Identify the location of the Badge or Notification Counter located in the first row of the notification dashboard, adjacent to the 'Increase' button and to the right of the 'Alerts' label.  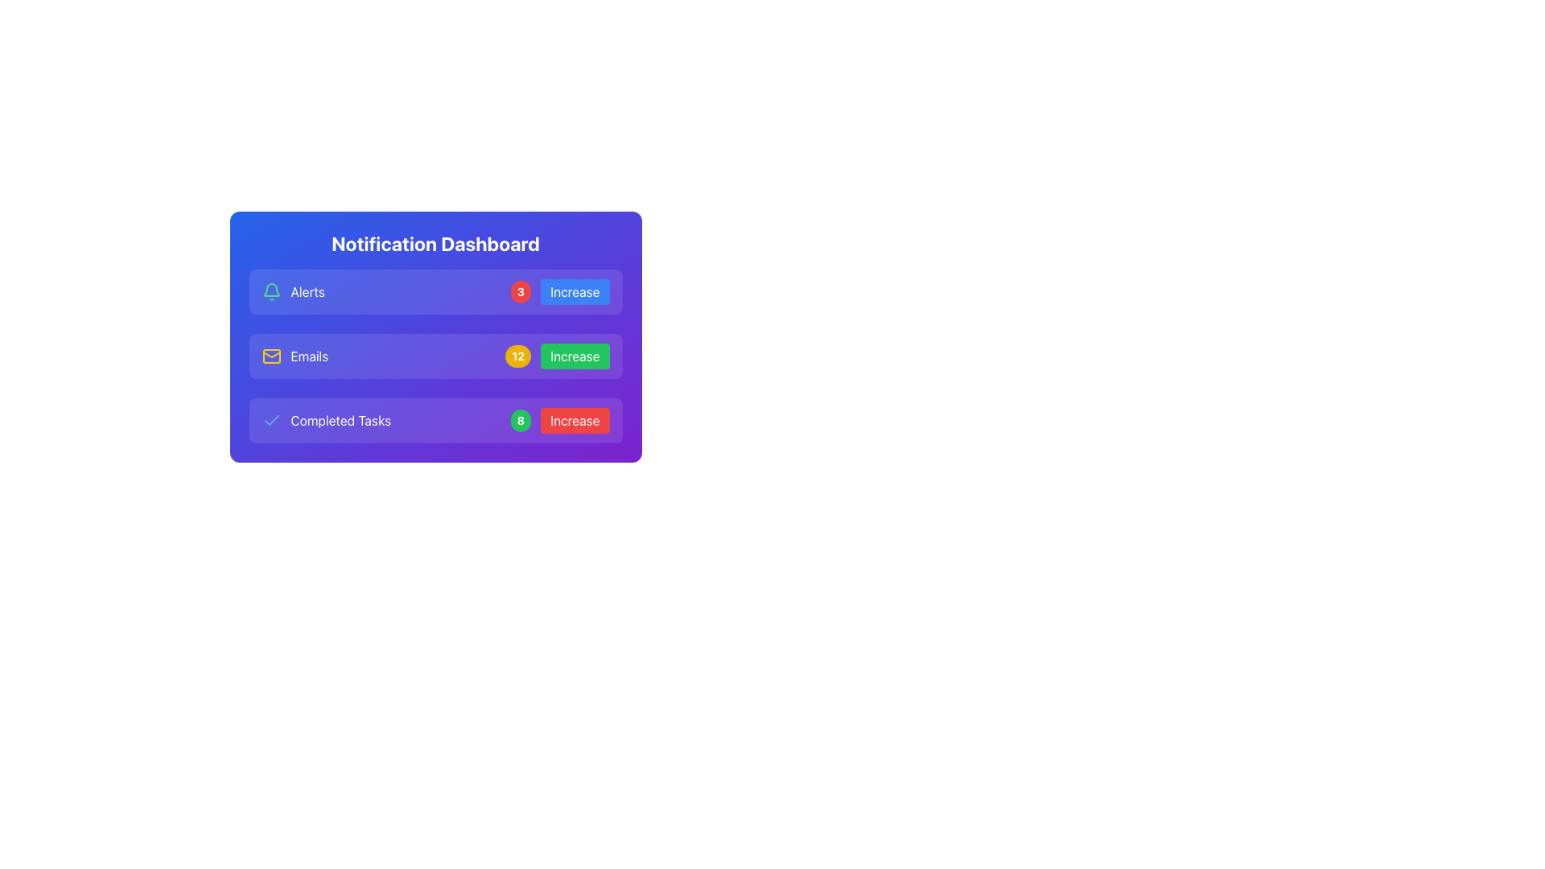
(521, 291).